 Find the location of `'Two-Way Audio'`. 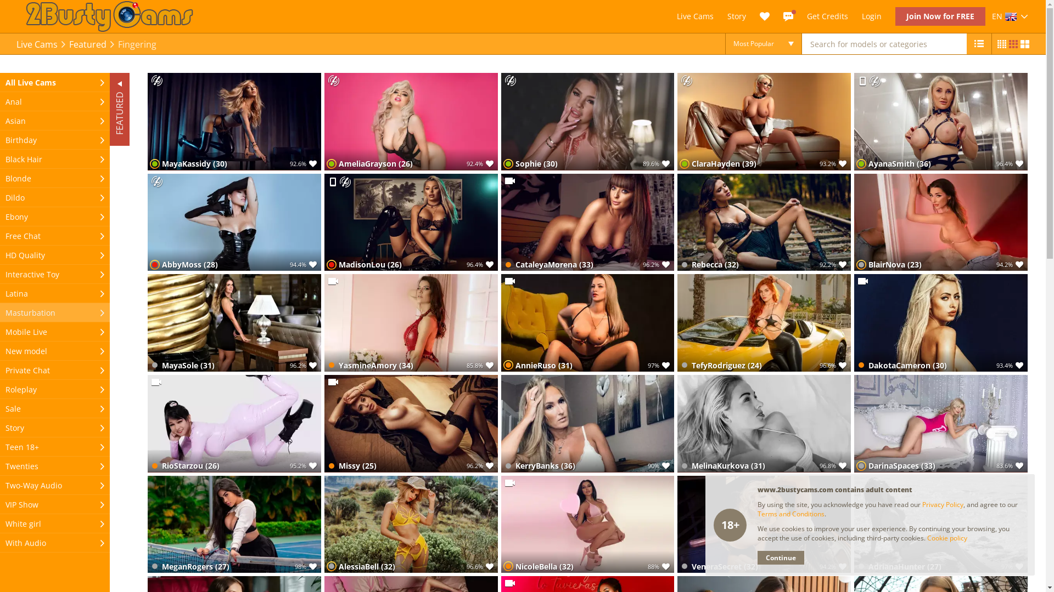

'Two-Way Audio' is located at coordinates (0, 485).